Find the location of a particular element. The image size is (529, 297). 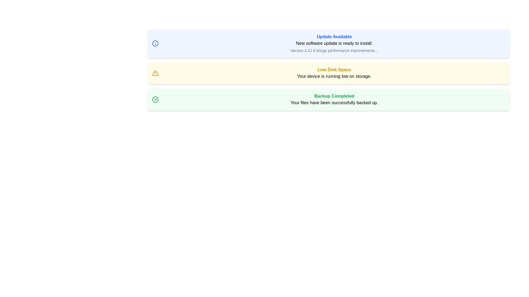

the text element that indicates the availability of a new software update, positioned below the title 'Update Available' is located at coordinates (334, 43).